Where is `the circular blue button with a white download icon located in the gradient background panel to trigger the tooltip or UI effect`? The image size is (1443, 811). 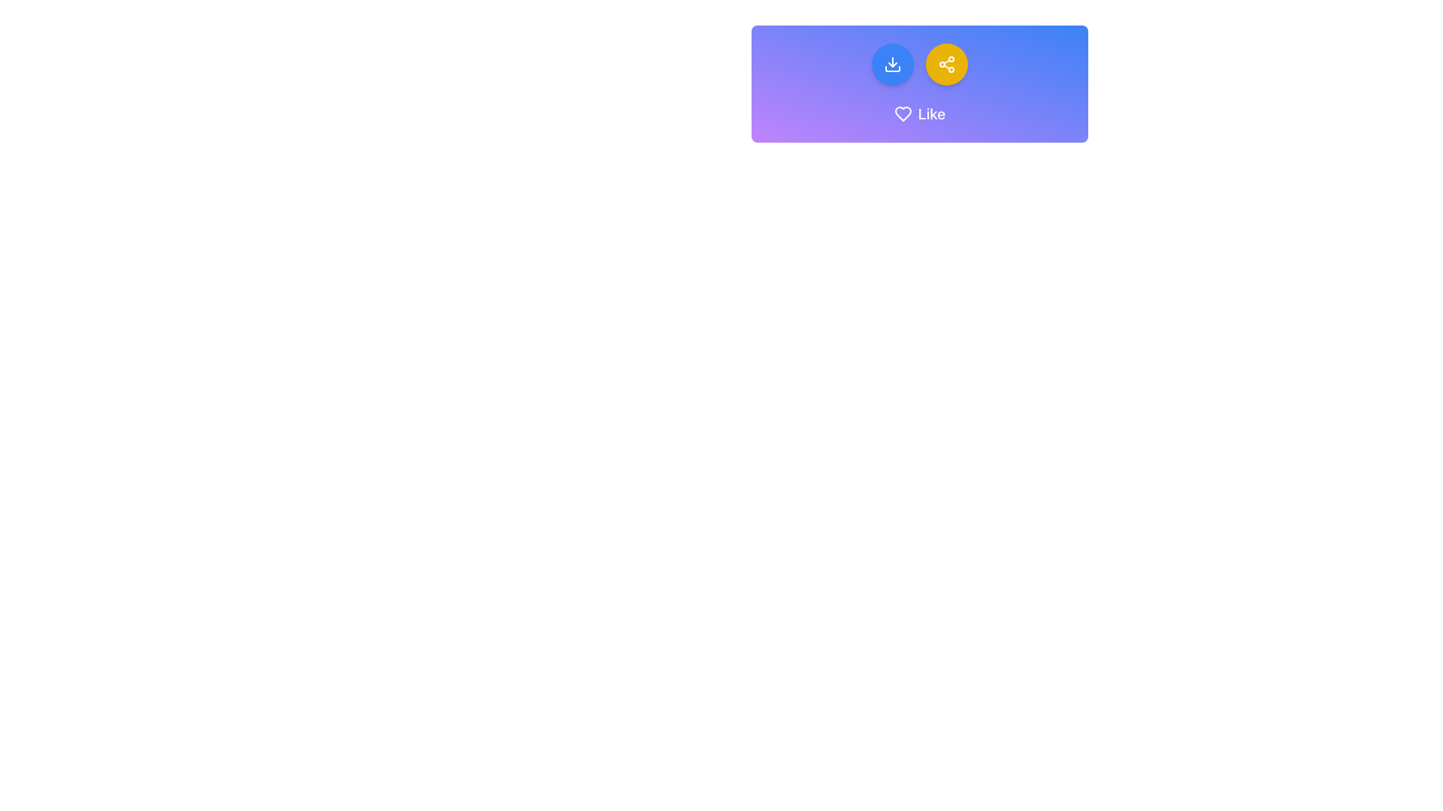
the circular blue button with a white download icon located in the gradient background panel to trigger the tooltip or UI effect is located at coordinates (893, 63).